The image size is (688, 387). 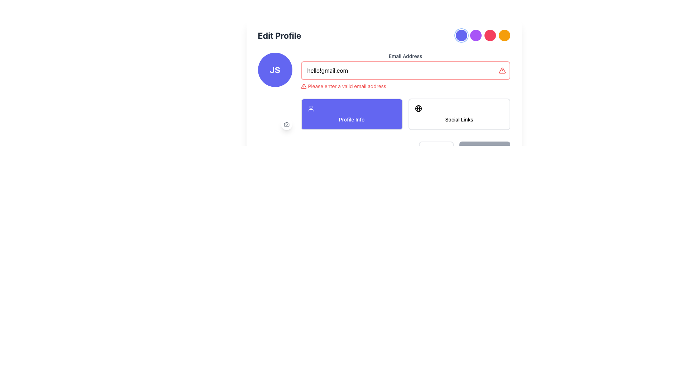 What do you see at coordinates (405, 71) in the screenshot?
I see `the email input field, which has a red border indicating an error state and is labeled 'Email Address' above it` at bounding box center [405, 71].